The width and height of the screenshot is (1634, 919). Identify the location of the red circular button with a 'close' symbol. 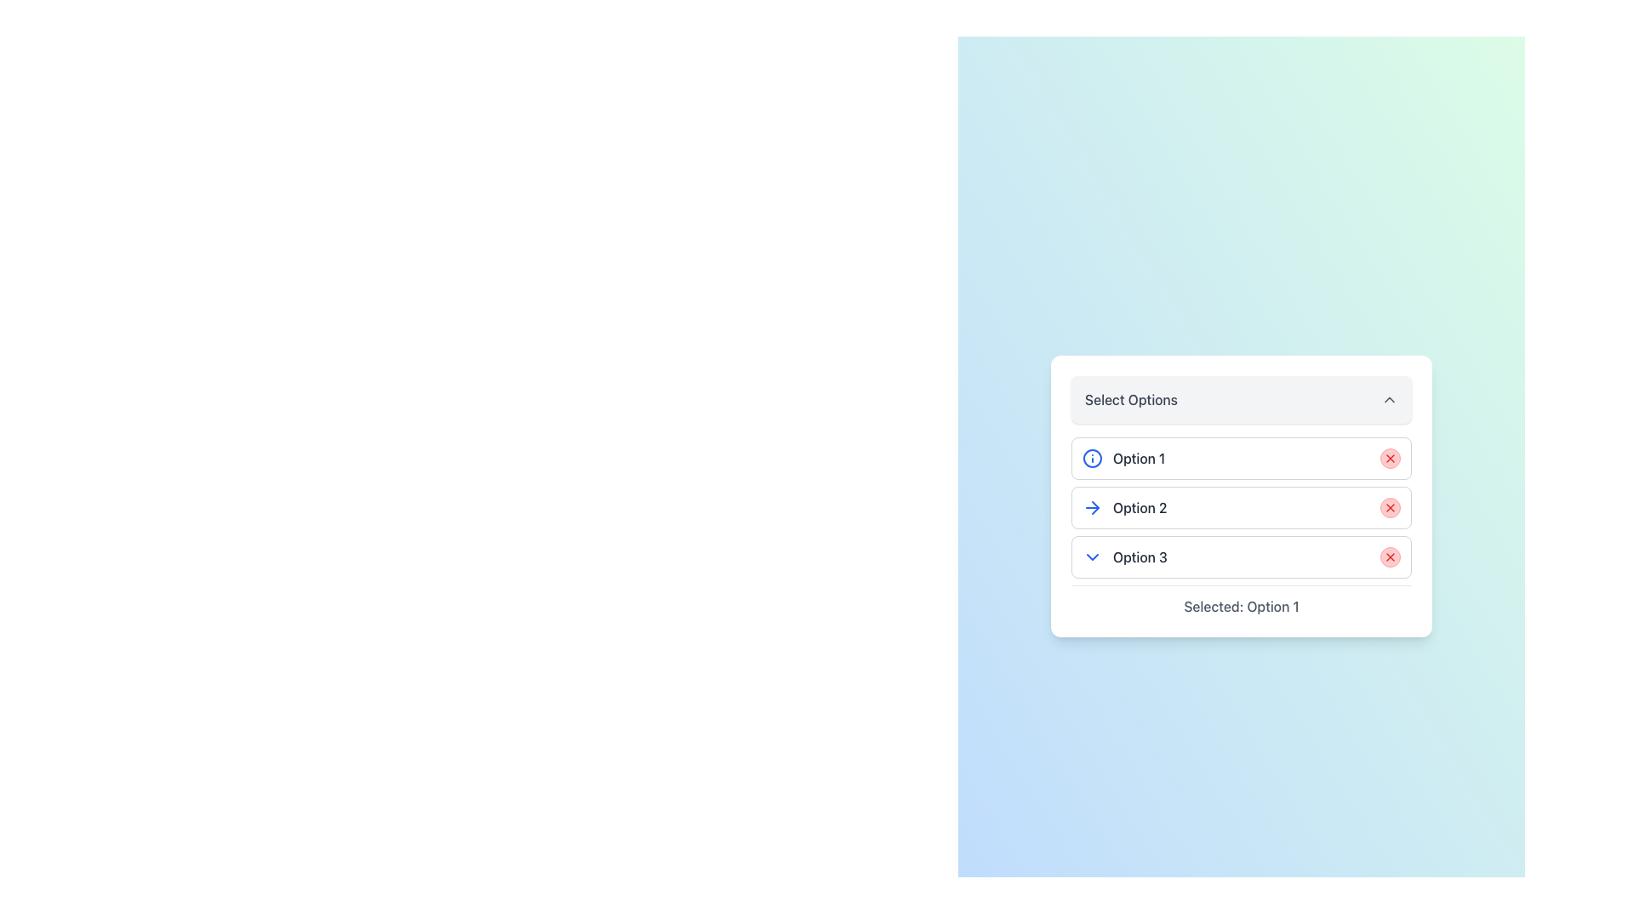
(1390, 506).